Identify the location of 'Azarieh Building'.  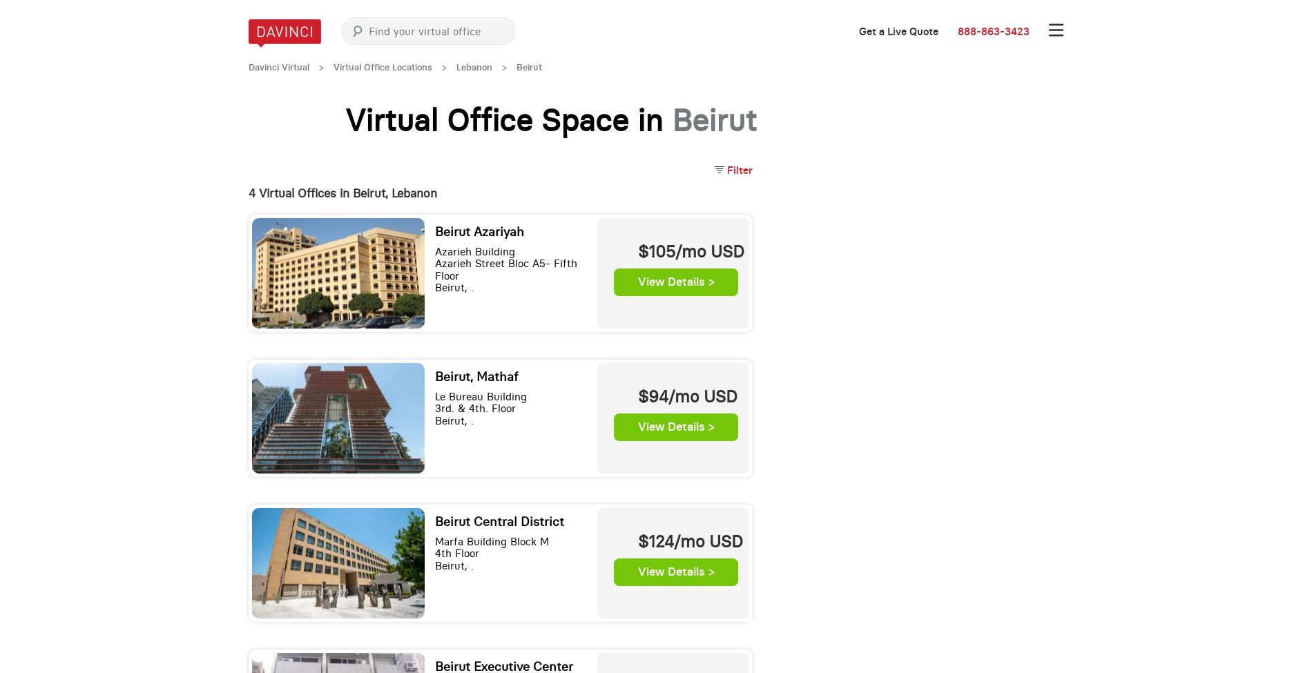
(434, 251).